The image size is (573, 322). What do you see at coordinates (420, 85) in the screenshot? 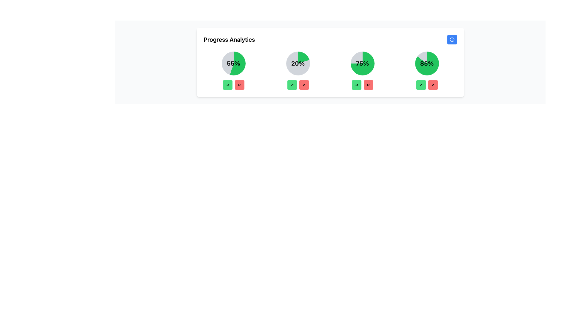
I see `the small upward-right arrow icon within the green button` at bounding box center [420, 85].